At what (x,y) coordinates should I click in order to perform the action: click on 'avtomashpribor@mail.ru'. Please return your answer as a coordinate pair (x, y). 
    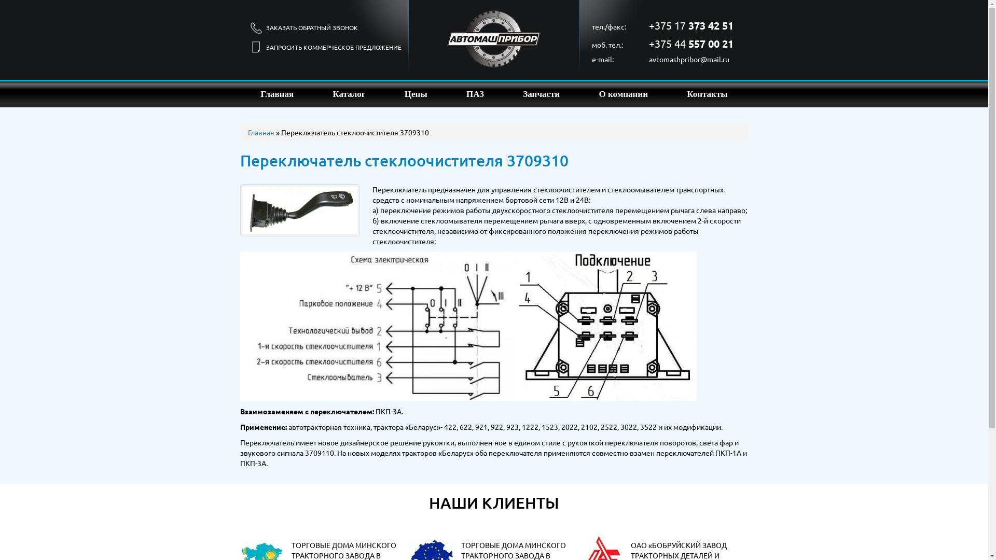
    Looking at the image, I should click on (689, 59).